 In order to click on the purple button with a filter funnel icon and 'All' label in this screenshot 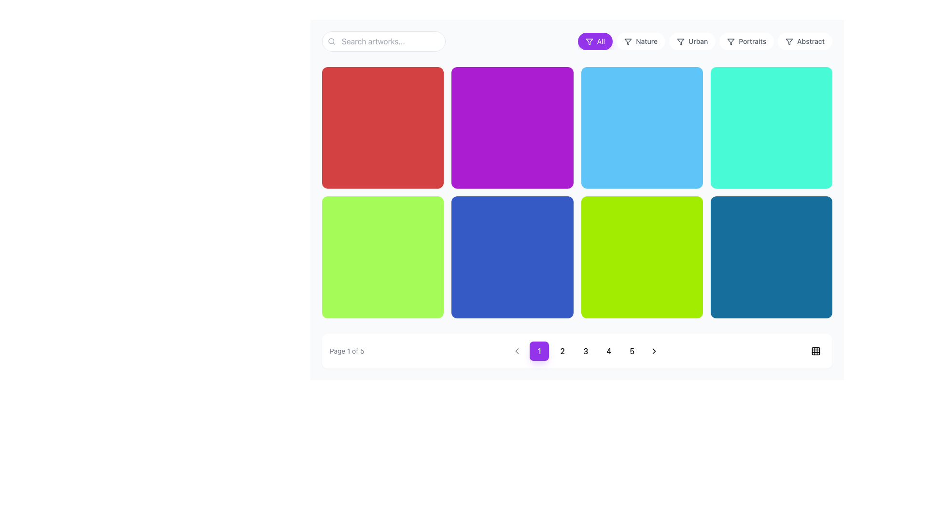, I will do `click(589, 41)`.